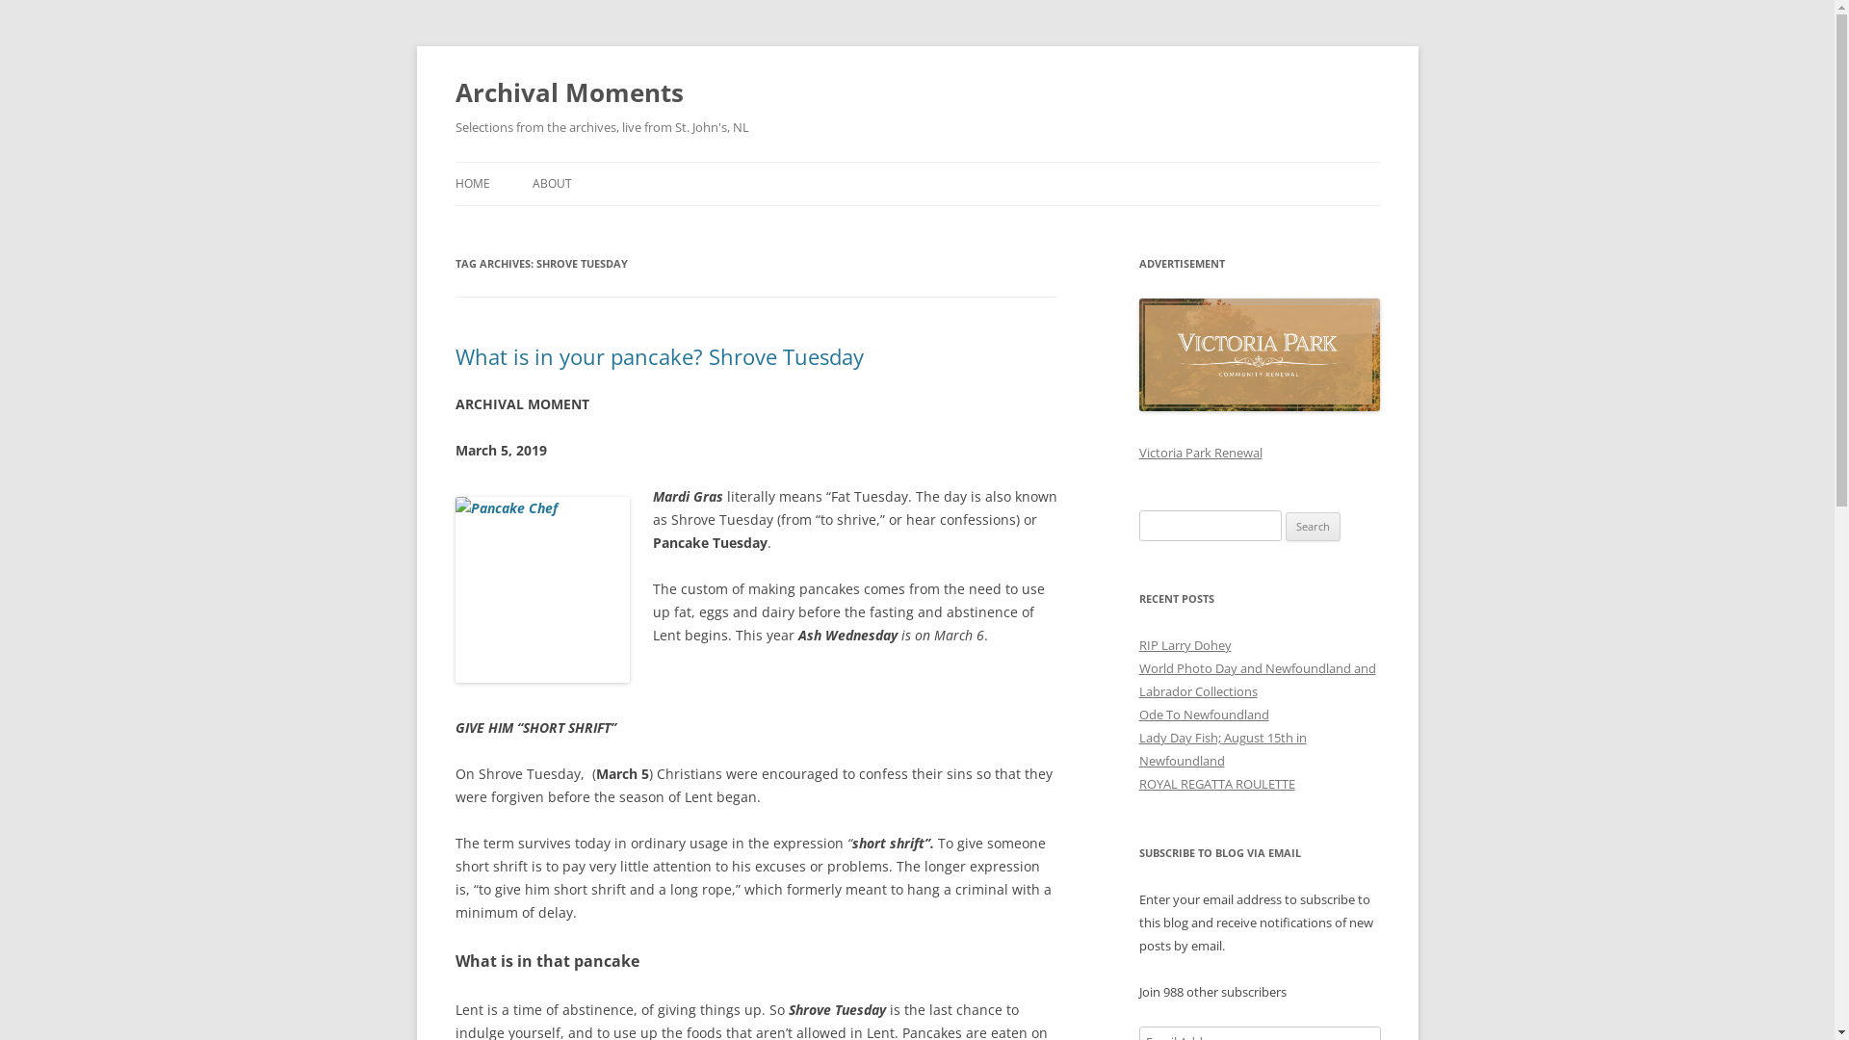 The width and height of the screenshot is (1849, 1040). What do you see at coordinates (1199, 453) in the screenshot?
I see `'Victoria Park Renewal'` at bounding box center [1199, 453].